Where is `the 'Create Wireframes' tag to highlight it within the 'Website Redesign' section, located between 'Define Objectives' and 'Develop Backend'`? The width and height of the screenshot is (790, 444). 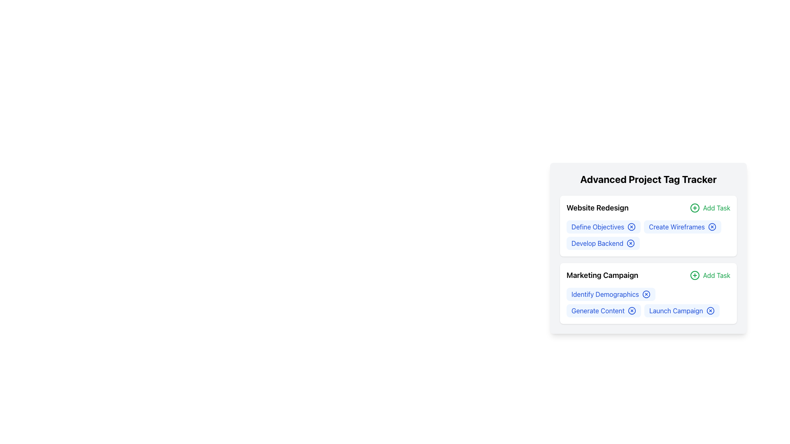
the 'Create Wireframes' tag to highlight it within the 'Website Redesign' section, located between 'Define Objectives' and 'Develop Backend' is located at coordinates (683, 227).